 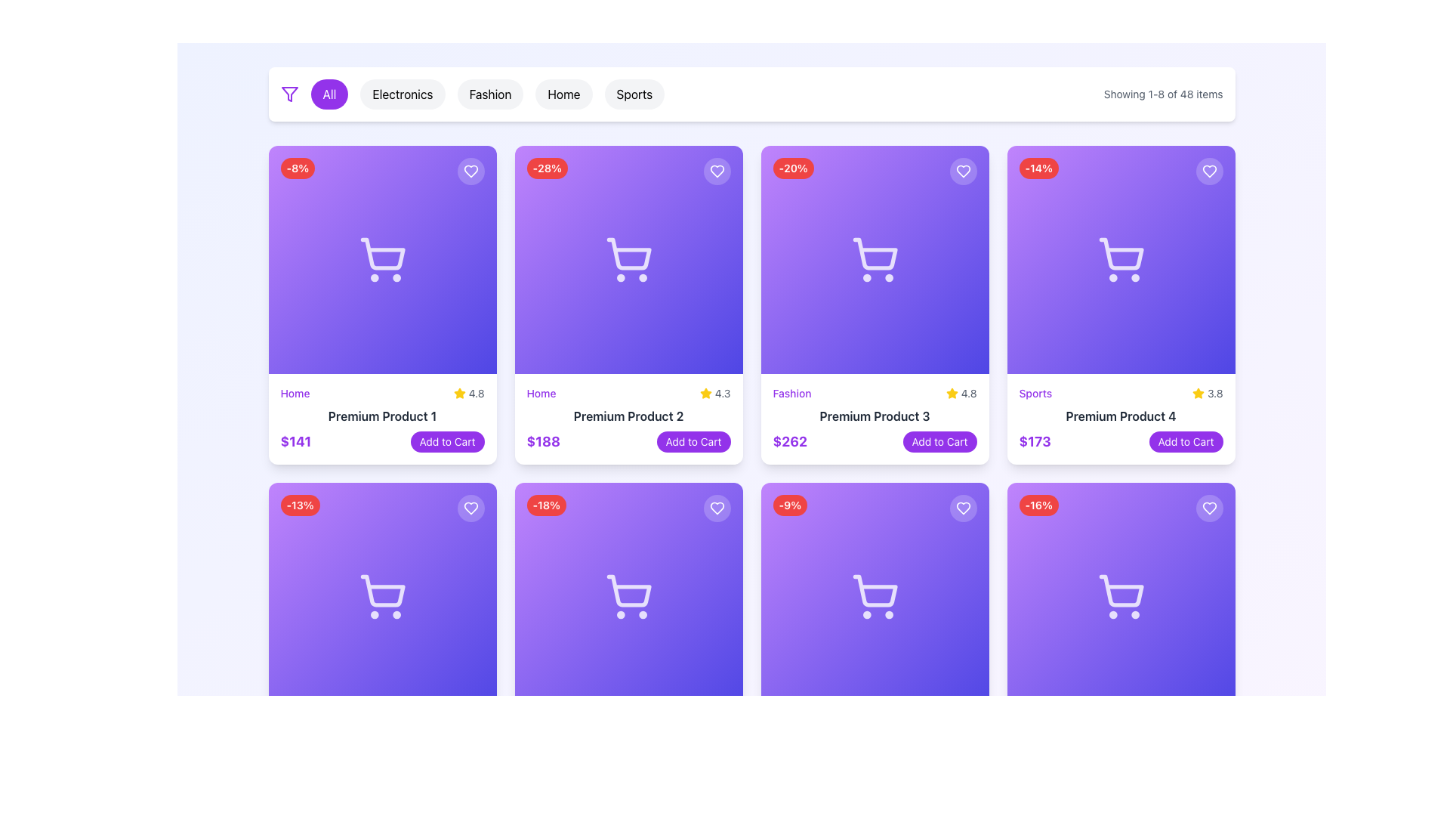 I want to click on the text label positioned in the upper-left corner of the product card, which identifies the category or section of the product, so click(x=295, y=392).